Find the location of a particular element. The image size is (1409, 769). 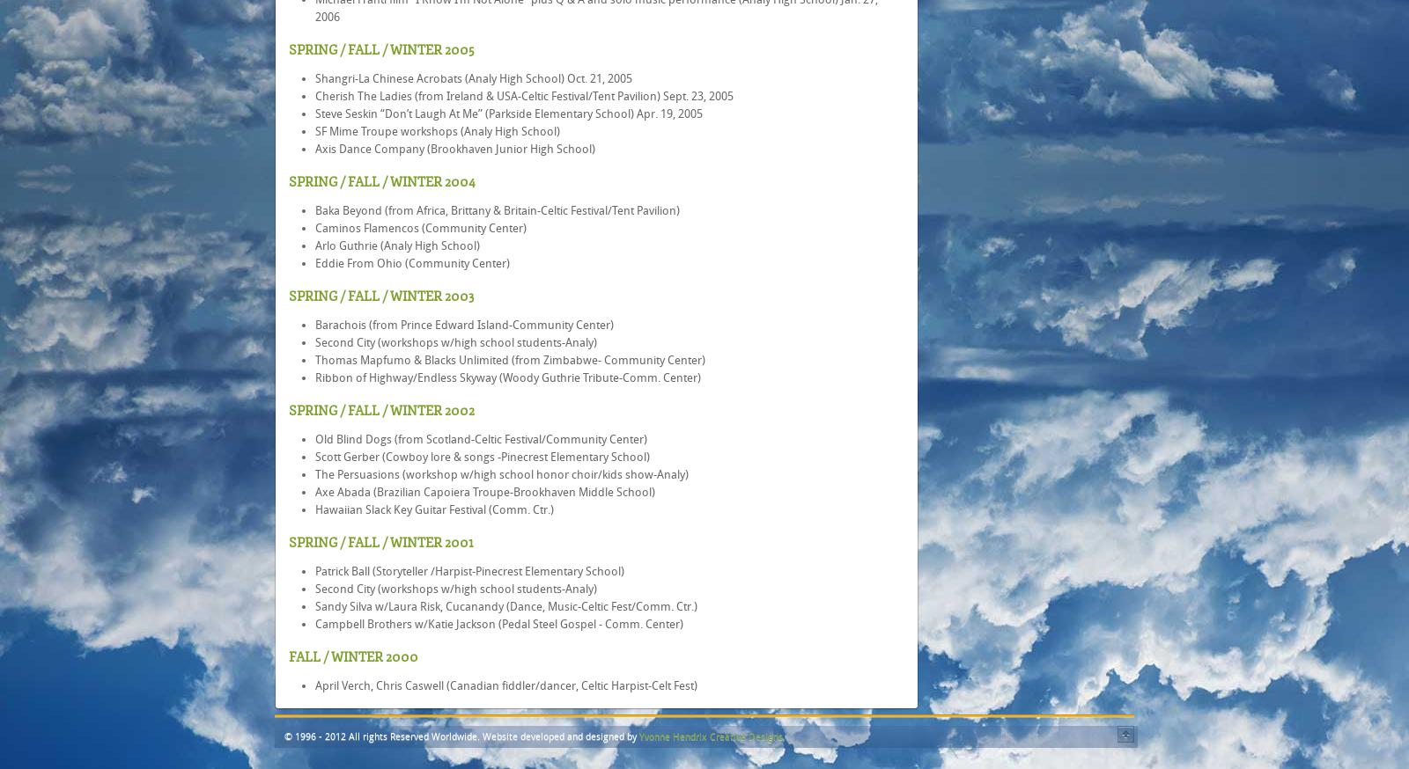

'Axe Abada (Brazilian Capoiera Troupe-Brookhaven Middle School)' is located at coordinates (315, 492).